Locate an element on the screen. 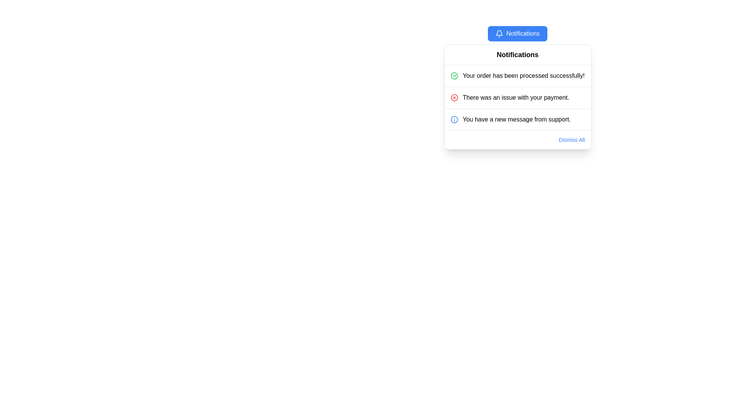  notification message displayed in the text label indicating that the user's order has been successfully processed, located at the top of the notification panel is located at coordinates (523, 76).